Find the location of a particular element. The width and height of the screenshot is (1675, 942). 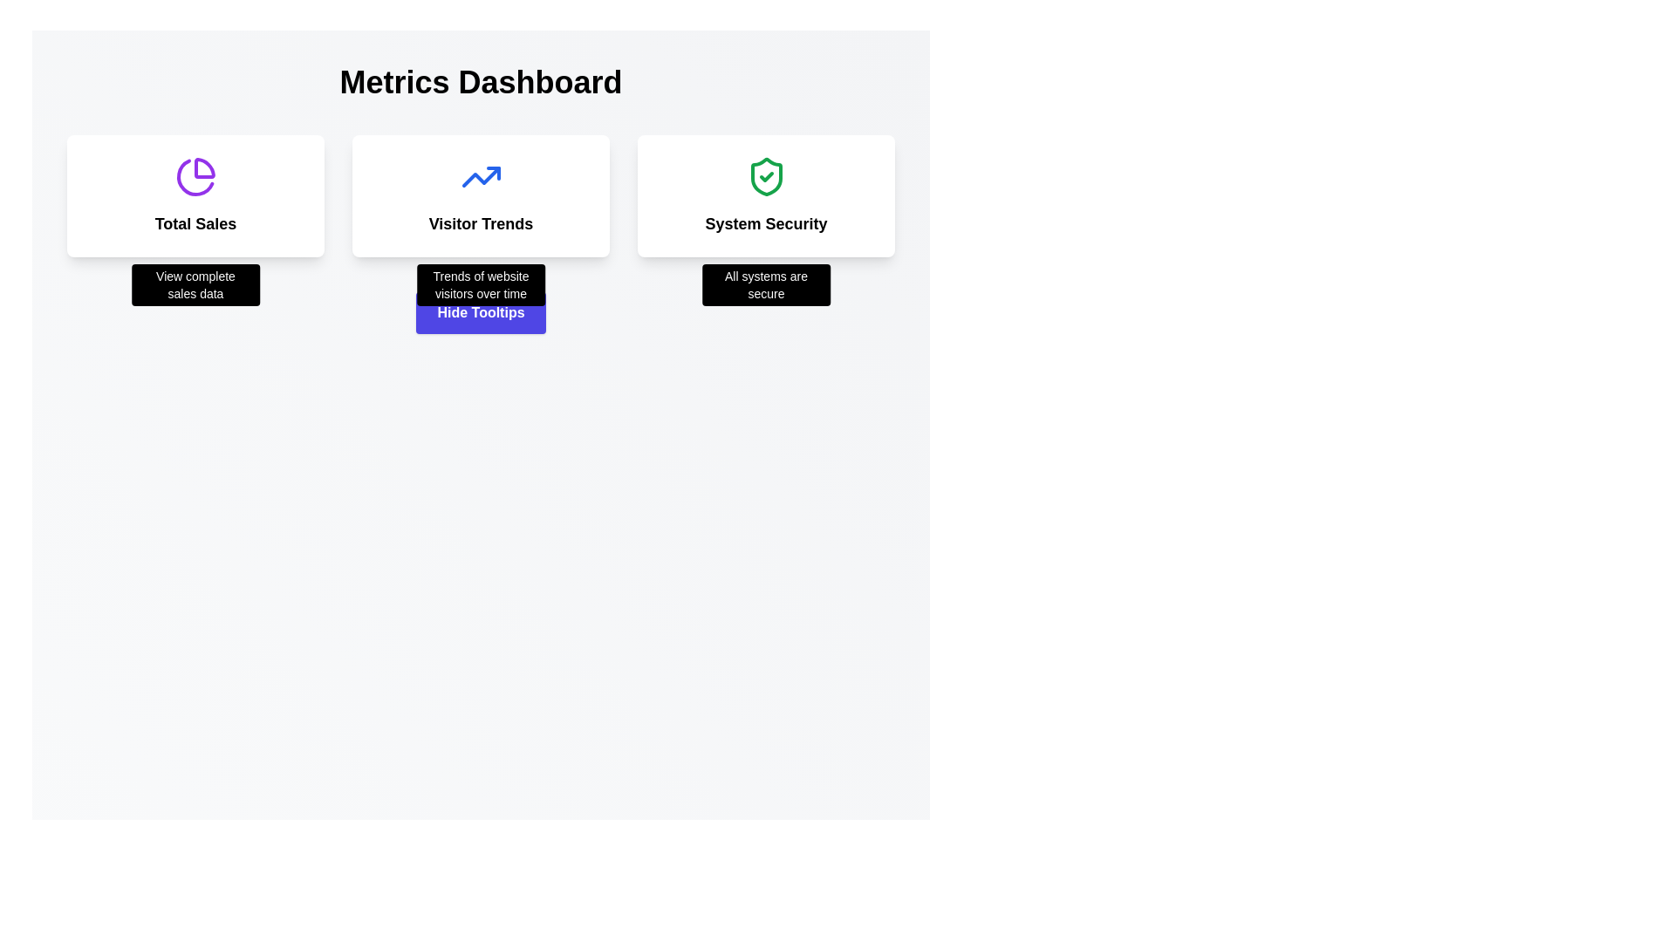

green shield icon with a checkmark located in the 'System Security' card, which is the third card in the row beneath the 'Metrics Dashboard' header is located at coordinates (766, 177).